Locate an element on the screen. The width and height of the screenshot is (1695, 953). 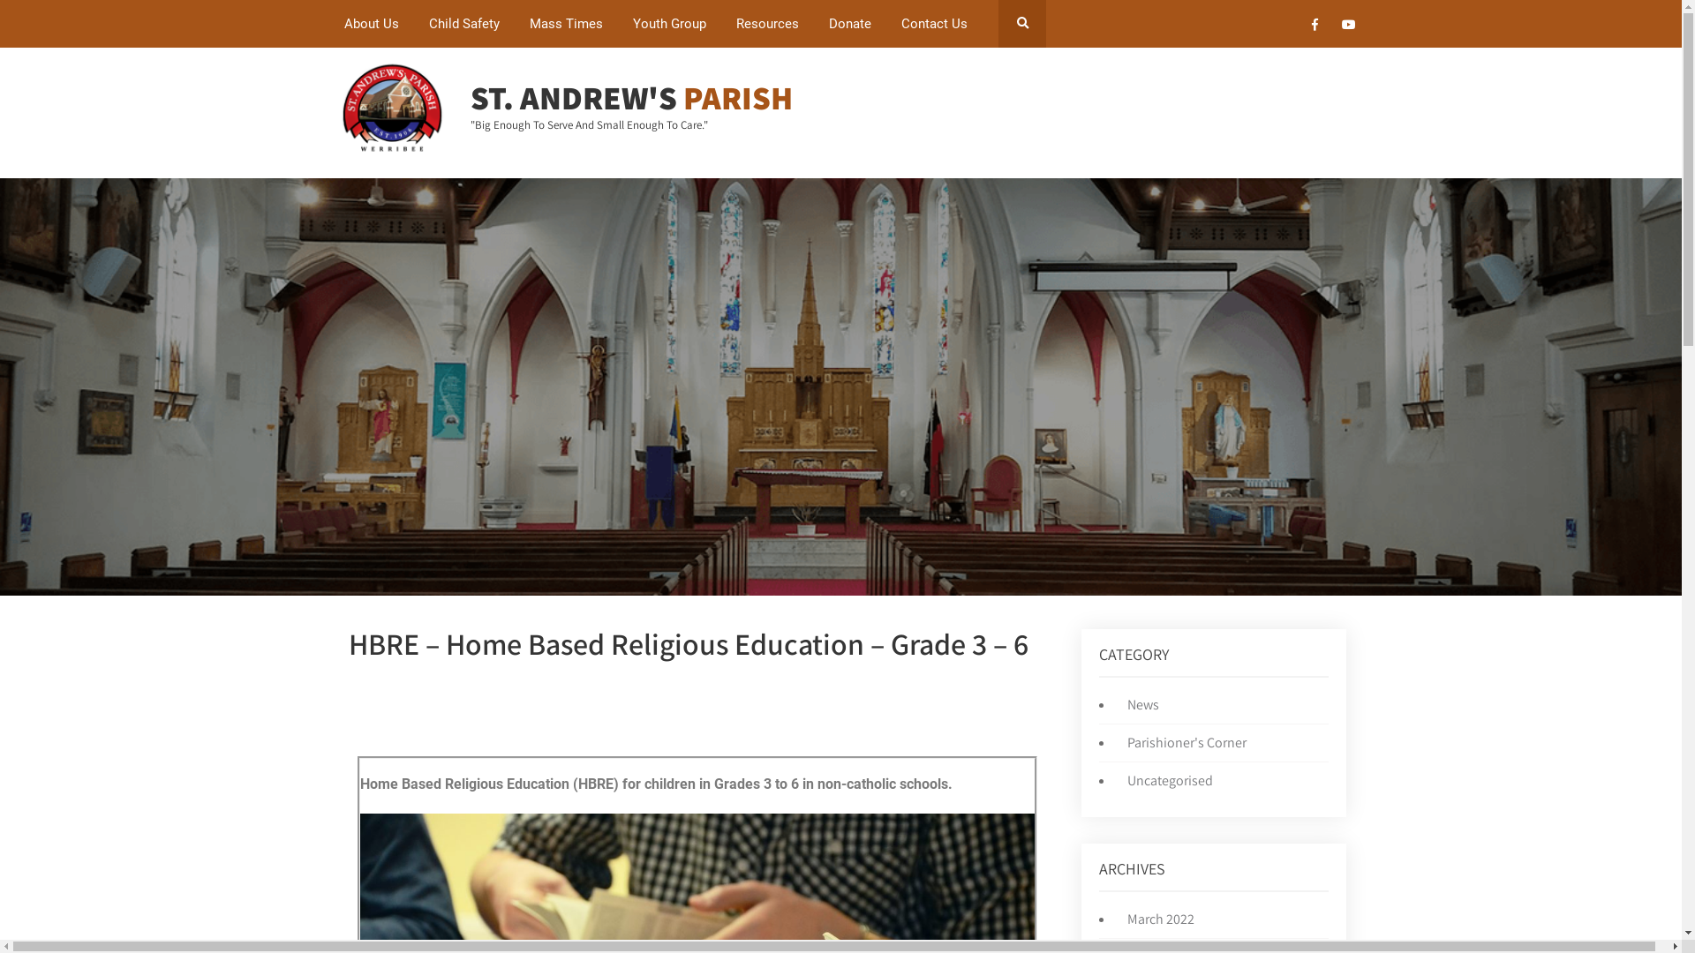
'ST. ANDREW'S PARISH' is located at coordinates (631, 97).